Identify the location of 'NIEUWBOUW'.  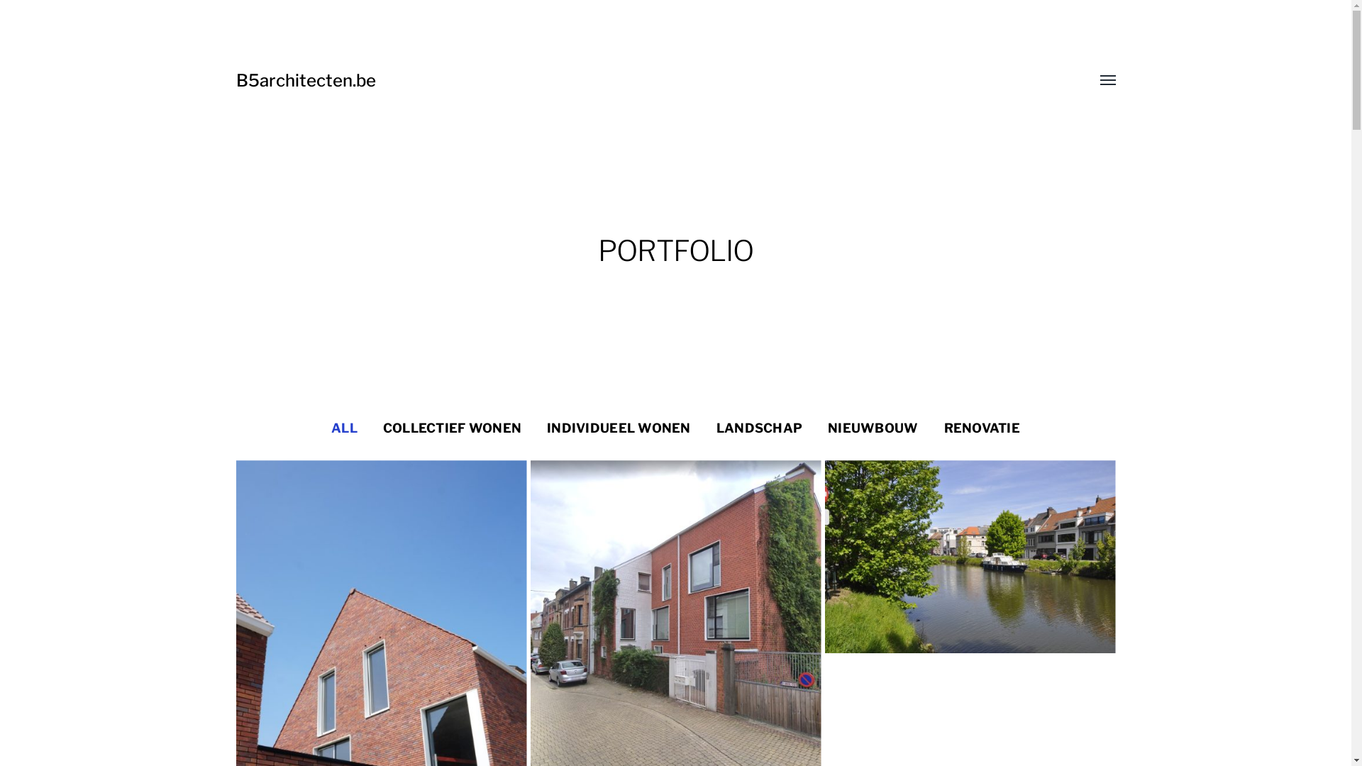
(872, 428).